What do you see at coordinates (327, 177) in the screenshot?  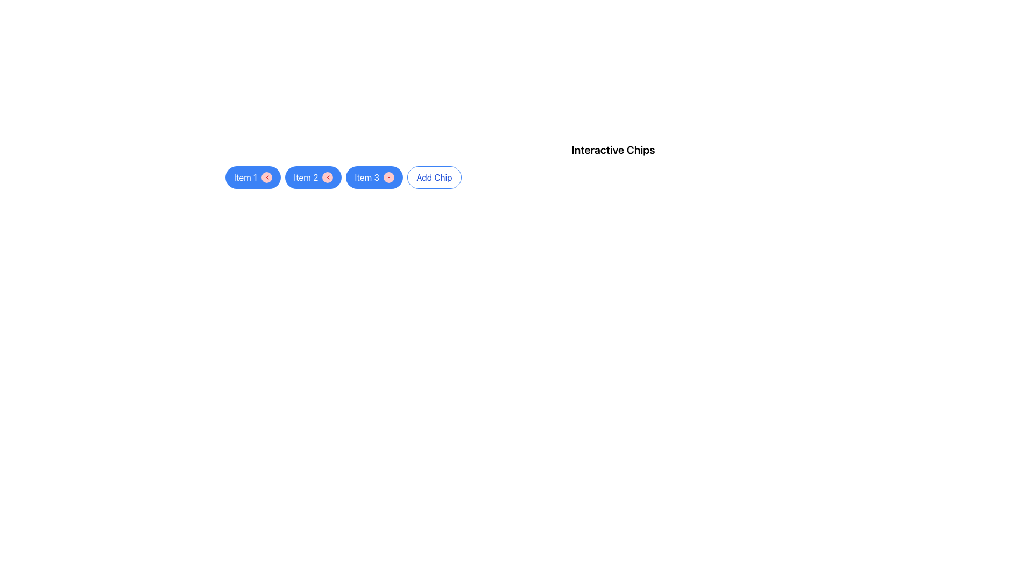 I see `the small circular button with a light red background and a darker red 'X' icon, located near the right edge of the blue-colored chip marked 'Item 2'` at bounding box center [327, 177].